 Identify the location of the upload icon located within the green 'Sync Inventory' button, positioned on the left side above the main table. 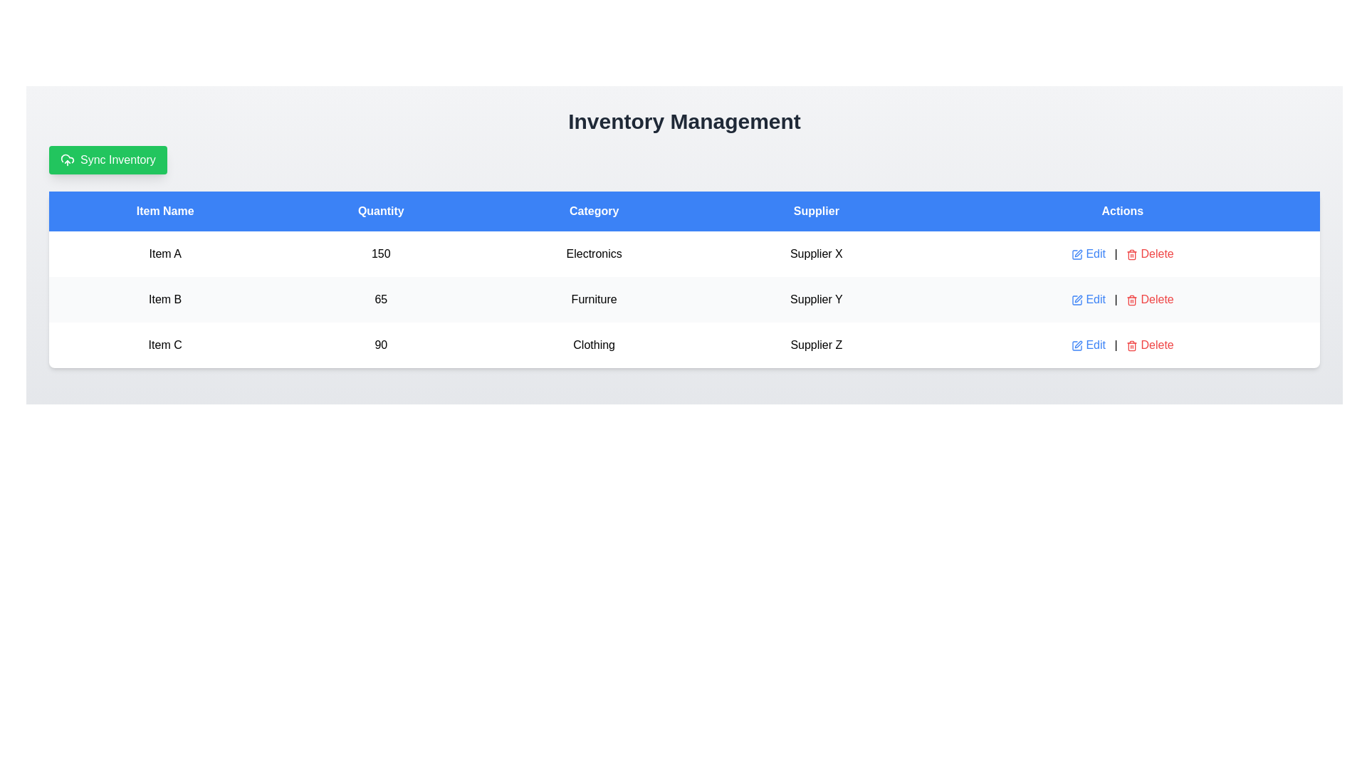
(67, 159).